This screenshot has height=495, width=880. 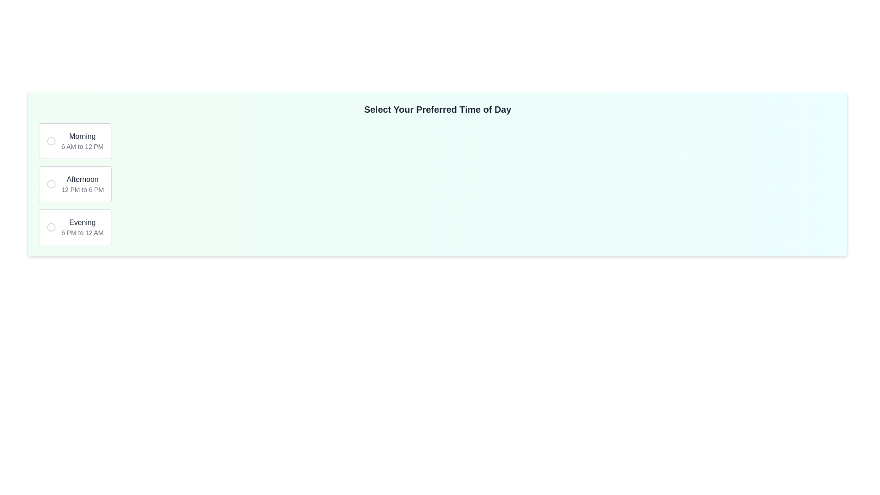 I want to click on text from the text label displaying '6 AM to 12 PM', which is styled in small gray font and positioned below the label 'Morning', so click(x=82, y=146).